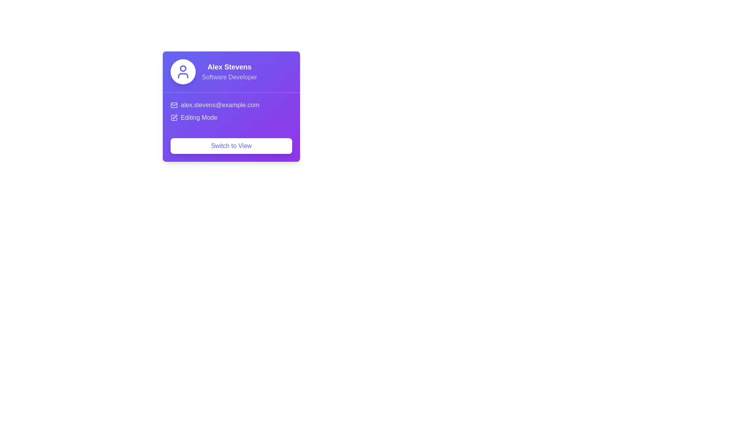 The height and width of the screenshot is (424, 753). Describe the element at coordinates (231, 146) in the screenshot. I see `the button located at the bottom of the purple card layout` at that location.